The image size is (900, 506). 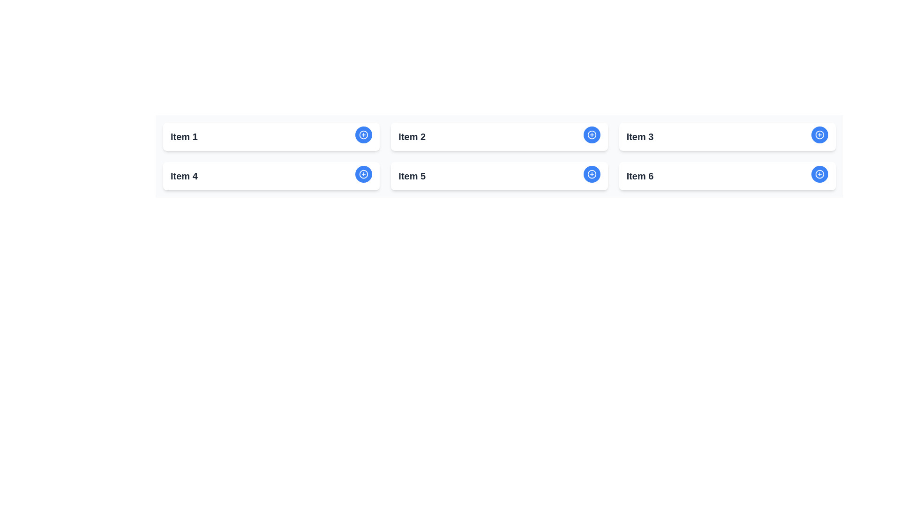 What do you see at coordinates (639, 176) in the screenshot?
I see `the static text label identifying 'Item 6' in the bottom-right corner of the grid` at bounding box center [639, 176].